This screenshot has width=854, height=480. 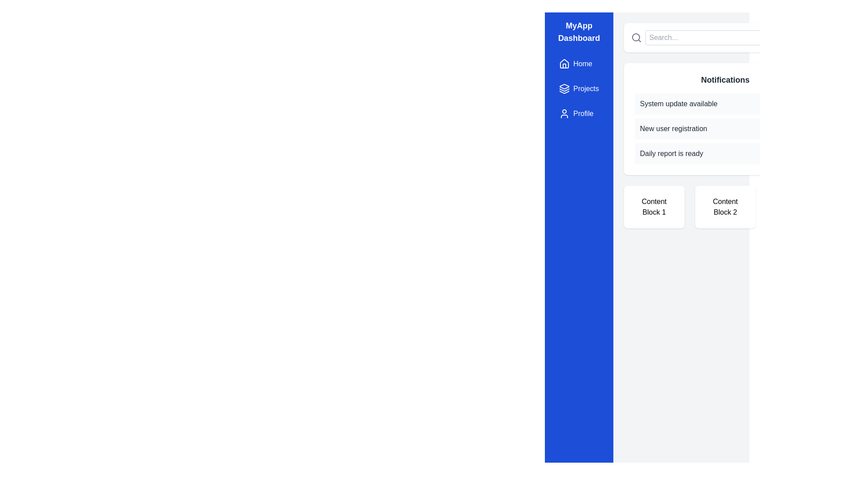 What do you see at coordinates (671, 153) in the screenshot?
I see `the text block displaying 'Daily report is ready' in dark gray color, which is the first text element in a notification card` at bounding box center [671, 153].